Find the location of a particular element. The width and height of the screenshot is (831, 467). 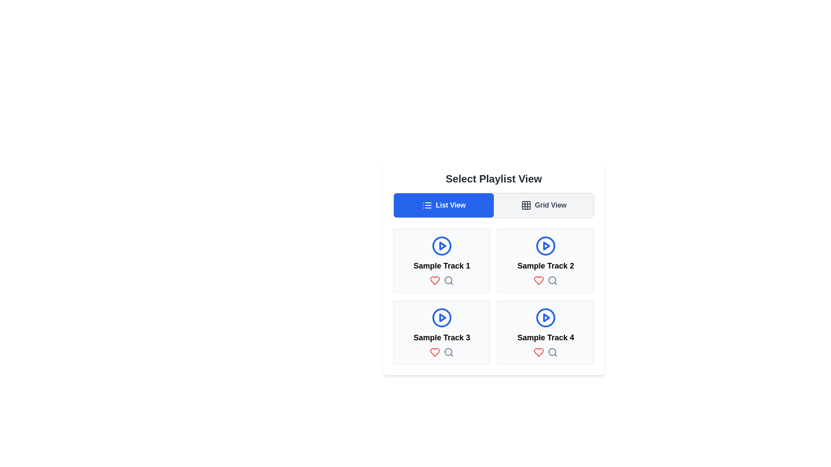

the graphical element at the center of the play button icon for 'Sample Track 4' to initiate the associated action is located at coordinates (545, 318).